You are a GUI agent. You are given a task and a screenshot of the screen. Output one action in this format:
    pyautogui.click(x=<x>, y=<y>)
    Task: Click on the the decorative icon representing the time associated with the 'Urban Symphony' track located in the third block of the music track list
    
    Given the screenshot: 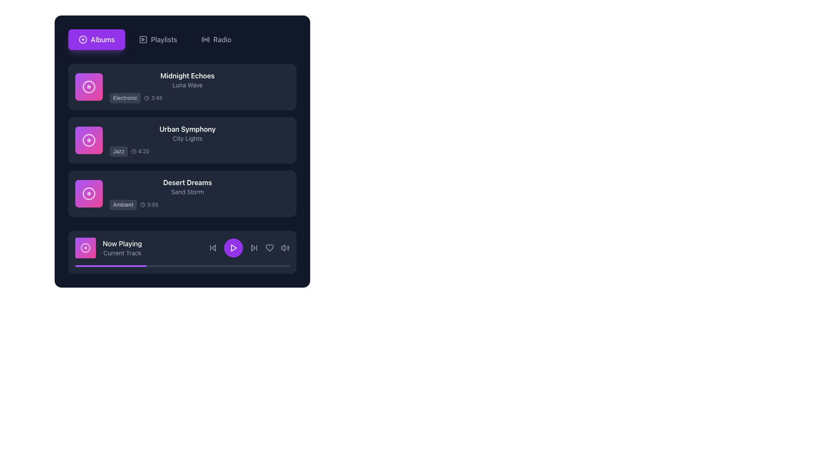 What is the action you would take?
    pyautogui.click(x=133, y=151)
    